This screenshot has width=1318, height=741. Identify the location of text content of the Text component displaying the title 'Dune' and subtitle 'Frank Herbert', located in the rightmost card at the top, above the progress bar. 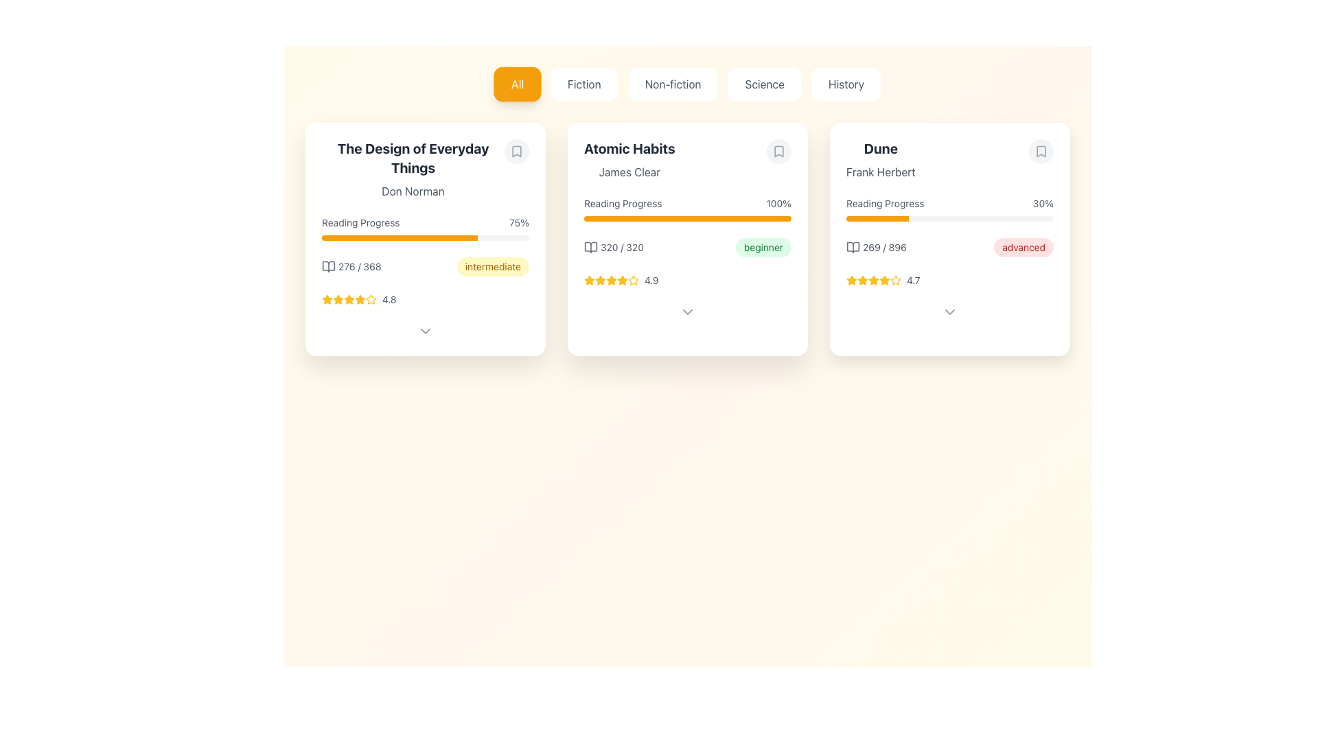
(881, 158).